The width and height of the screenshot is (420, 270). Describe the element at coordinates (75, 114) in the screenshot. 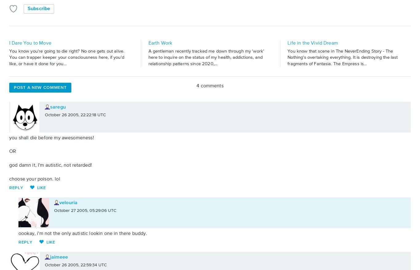

I see `'October 26 2005, 22:22:18 UTC'` at that location.